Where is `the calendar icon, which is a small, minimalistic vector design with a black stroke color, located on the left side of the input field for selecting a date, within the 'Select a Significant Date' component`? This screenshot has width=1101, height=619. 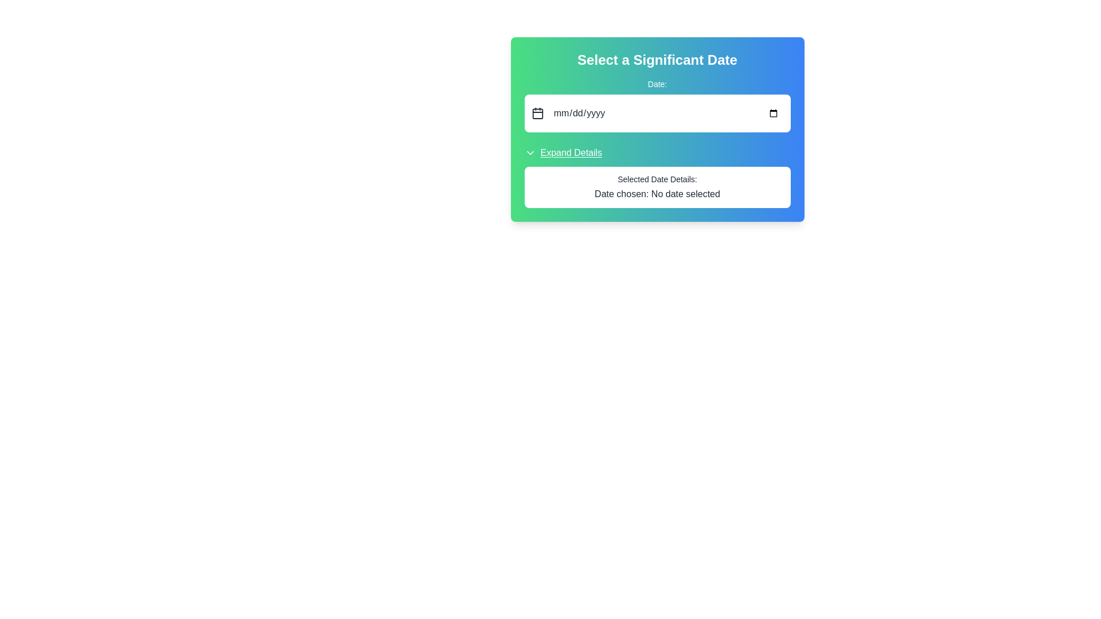
the calendar icon, which is a small, minimalistic vector design with a black stroke color, located on the left side of the input field for selecting a date, within the 'Select a Significant Date' component is located at coordinates (537, 113).